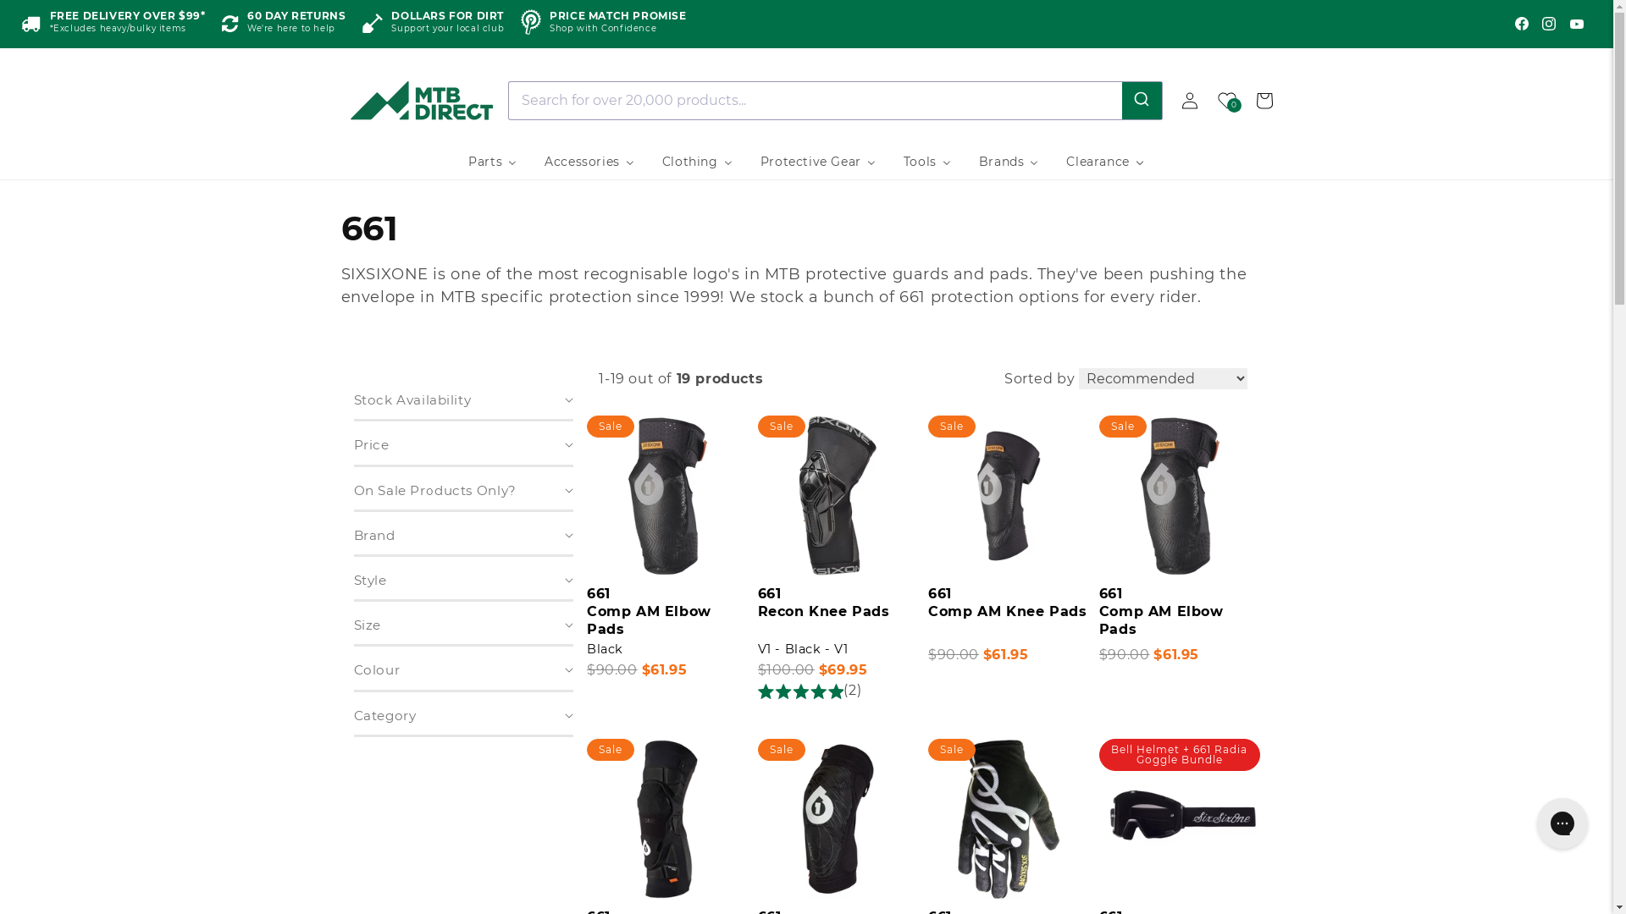 The image size is (1626, 914). I want to click on 'Submit', so click(1121, 100).